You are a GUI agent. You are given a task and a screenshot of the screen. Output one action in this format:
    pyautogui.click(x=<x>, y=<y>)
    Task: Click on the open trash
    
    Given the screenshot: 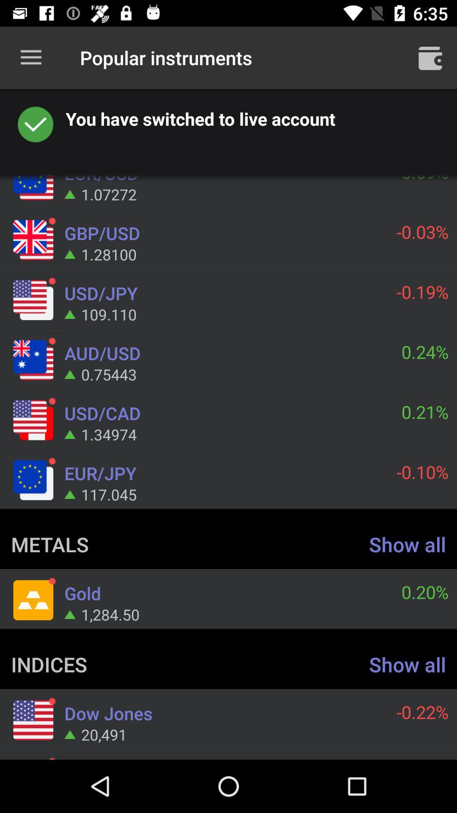 What is the action you would take?
    pyautogui.click(x=430, y=57)
    